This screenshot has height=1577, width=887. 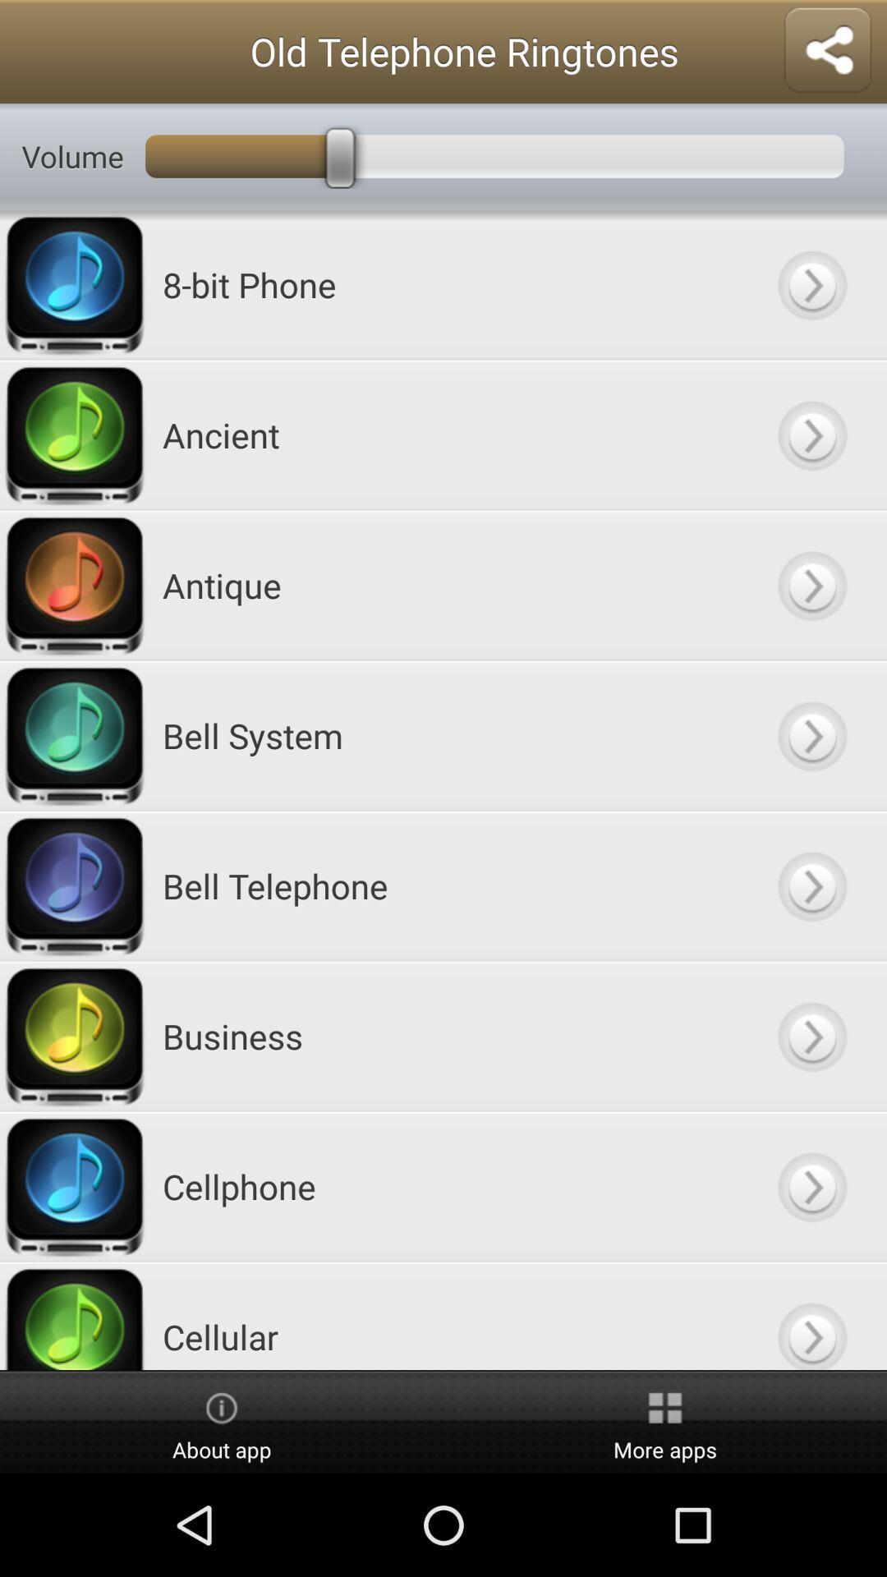 I want to click on autoplay option, so click(x=811, y=1316).